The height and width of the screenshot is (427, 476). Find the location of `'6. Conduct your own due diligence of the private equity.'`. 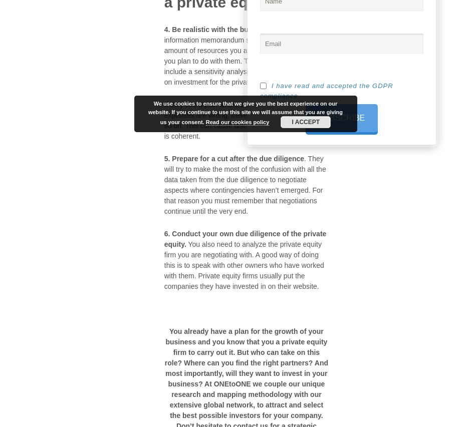

'6. Conduct your own due diligence of the private equity.' is located at coordinates (163, 238).